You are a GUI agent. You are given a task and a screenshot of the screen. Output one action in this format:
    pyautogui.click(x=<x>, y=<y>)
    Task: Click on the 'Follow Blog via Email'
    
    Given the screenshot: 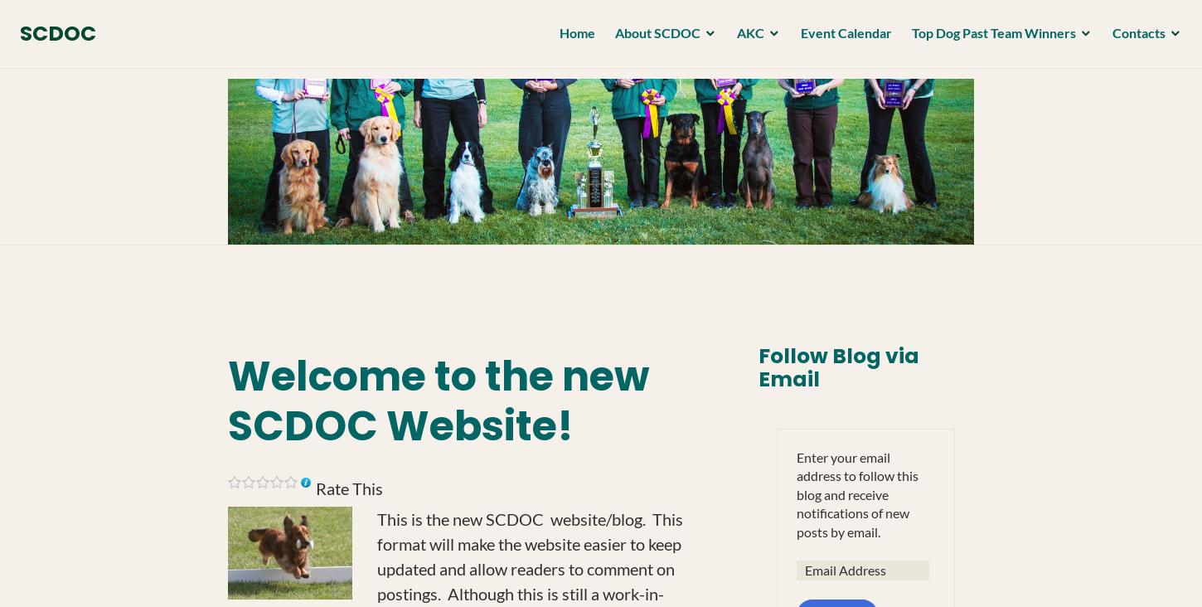 What is the action you would take?
    pyautogui.click(x=756, y=367)
    